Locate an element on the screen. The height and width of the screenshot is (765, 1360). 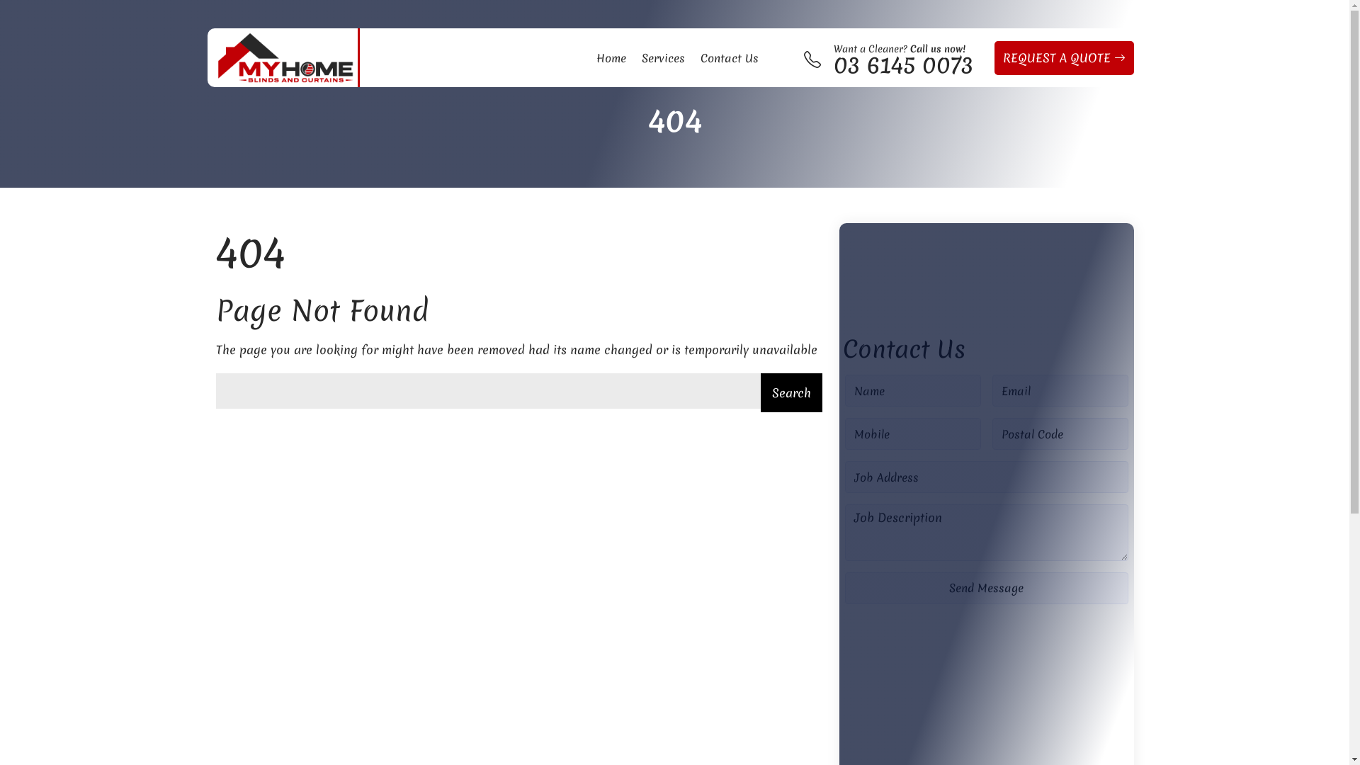
'REQUEST A QUOTE' is located at coordinates (1064, 57).